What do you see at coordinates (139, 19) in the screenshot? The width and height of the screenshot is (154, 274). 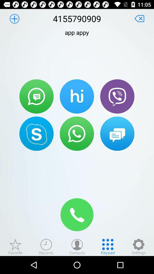 I see `screen` at bounding box center [139, 19].